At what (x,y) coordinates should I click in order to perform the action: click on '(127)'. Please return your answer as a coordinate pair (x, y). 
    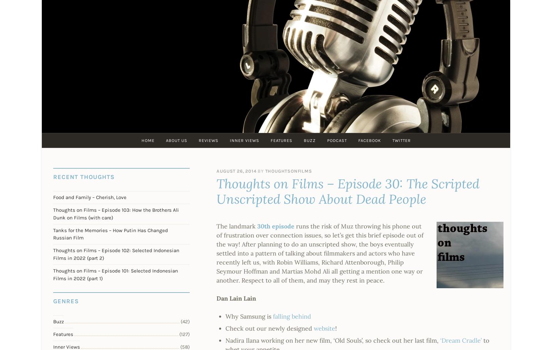
    Looking at the image, I should click on (184, 334).